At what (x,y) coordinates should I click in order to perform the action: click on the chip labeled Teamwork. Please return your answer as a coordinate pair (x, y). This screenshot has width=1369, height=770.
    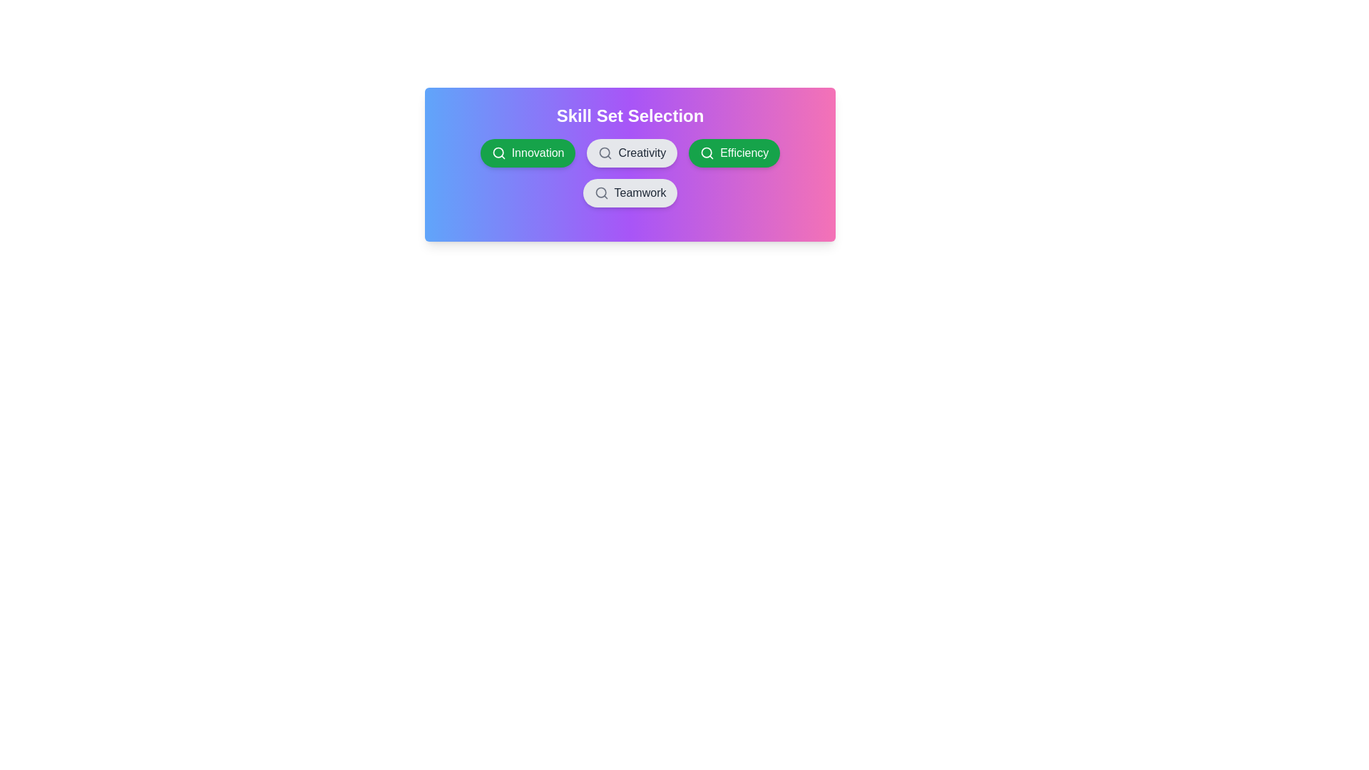
    Looking at the image, I should click on (629, 192).